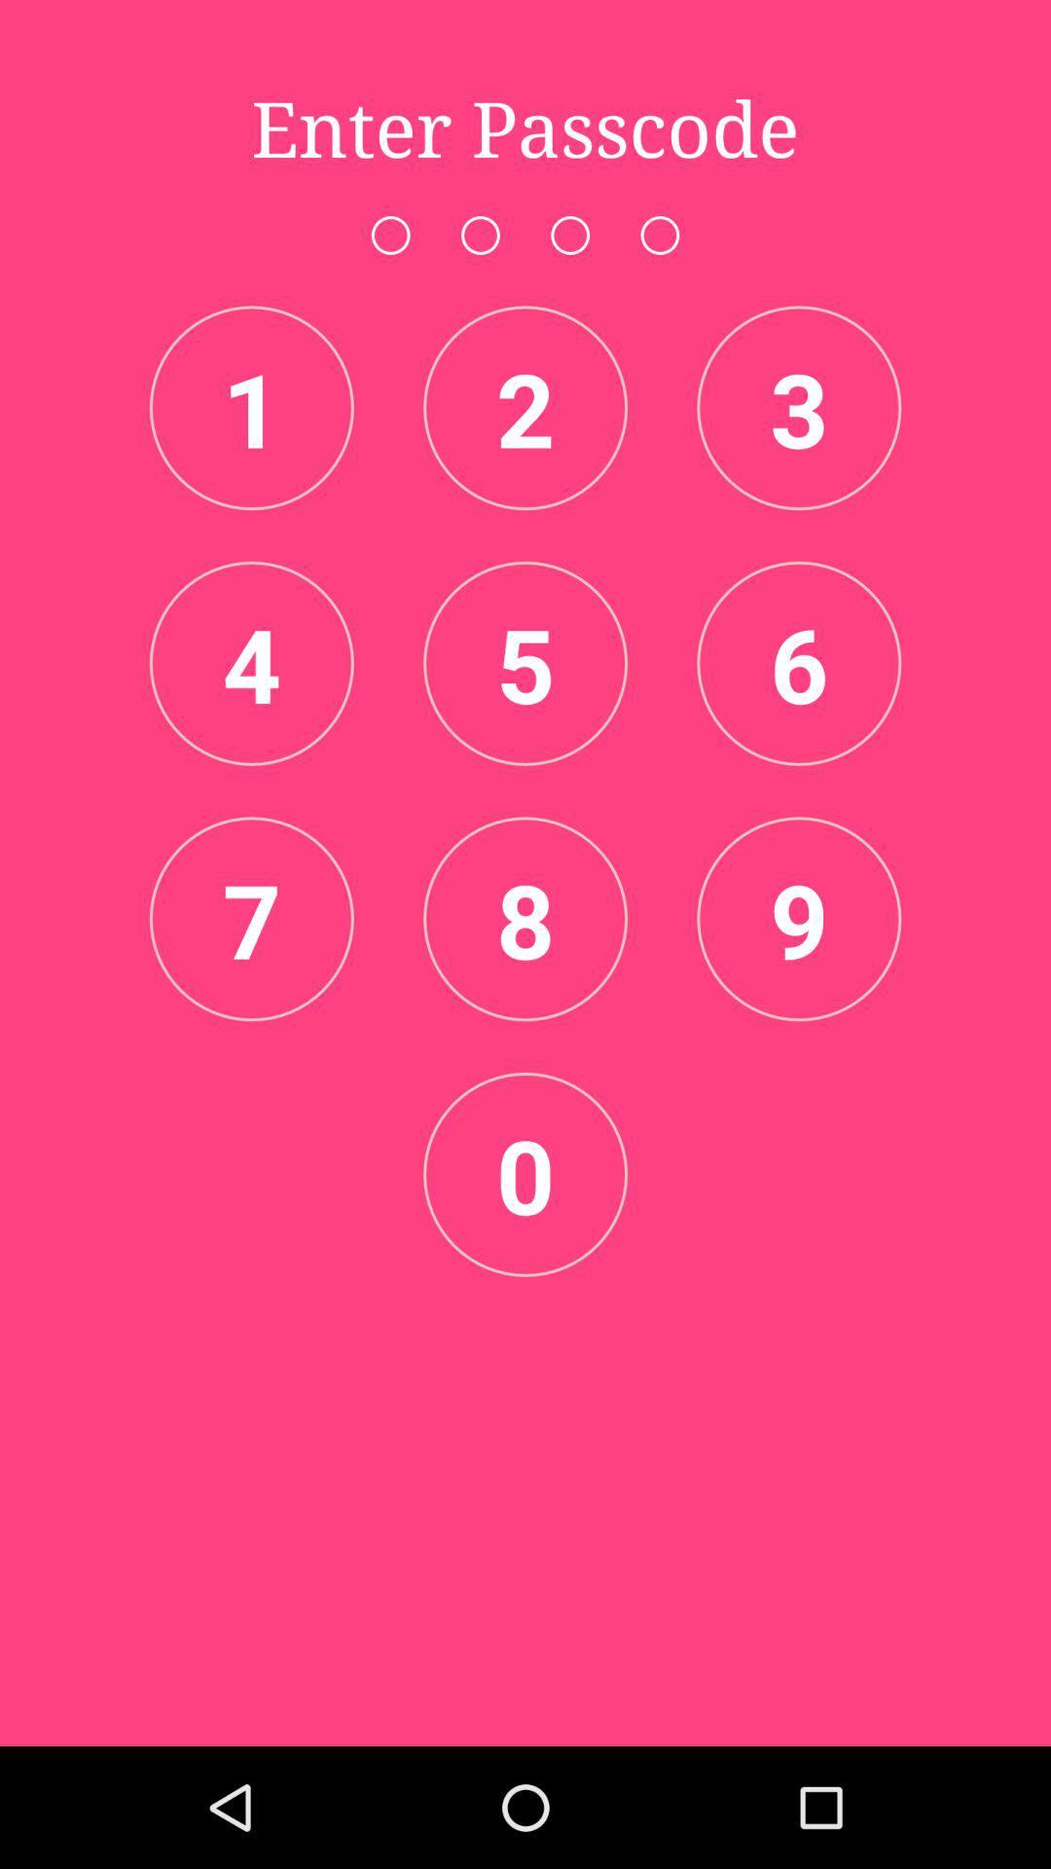 Image resolution: width=1051 pixels, height=1869 pixels. Describe the element at coordinates (799, 918) in the screenshot. I see `icon next to the 8 item` at that location.